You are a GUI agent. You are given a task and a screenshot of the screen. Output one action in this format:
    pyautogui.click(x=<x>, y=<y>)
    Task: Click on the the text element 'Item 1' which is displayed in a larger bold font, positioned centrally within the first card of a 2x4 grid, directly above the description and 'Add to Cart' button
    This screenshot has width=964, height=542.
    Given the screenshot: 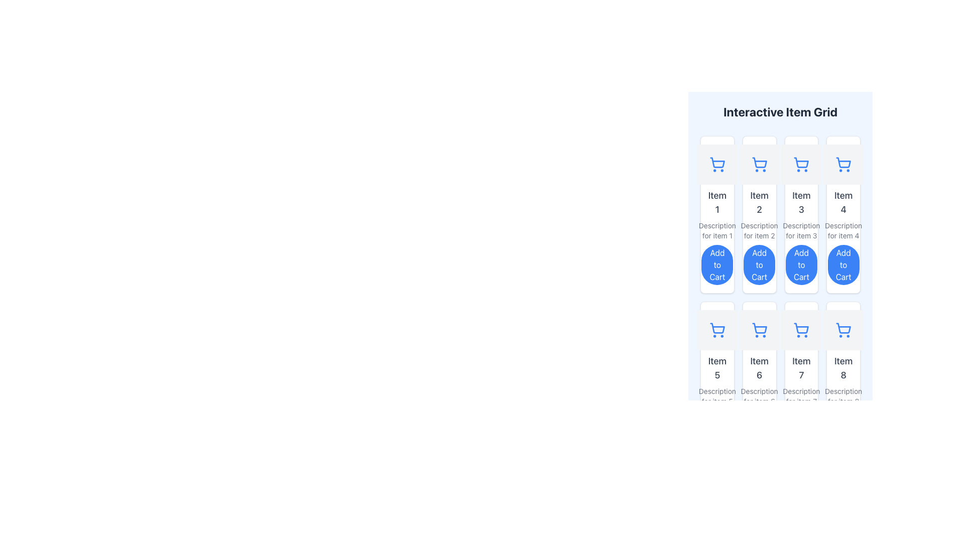 What is the action you would take?
    pyautogui.click(x=716, y=203)
    